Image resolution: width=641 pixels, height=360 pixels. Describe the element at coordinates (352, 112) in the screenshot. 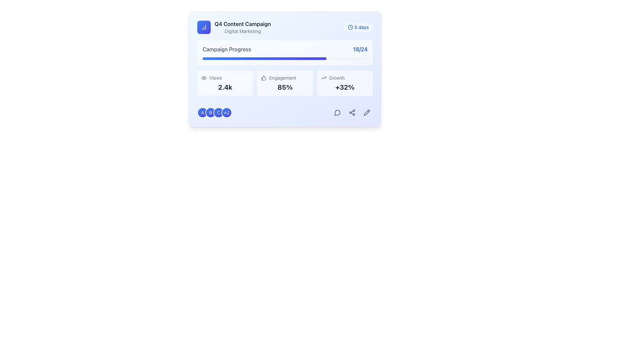

I see `the central icon representing three interconnected nodes, which is the second icon in a horizontal group of three icons located in the bottom-right corner of a card-like layout` at that location.